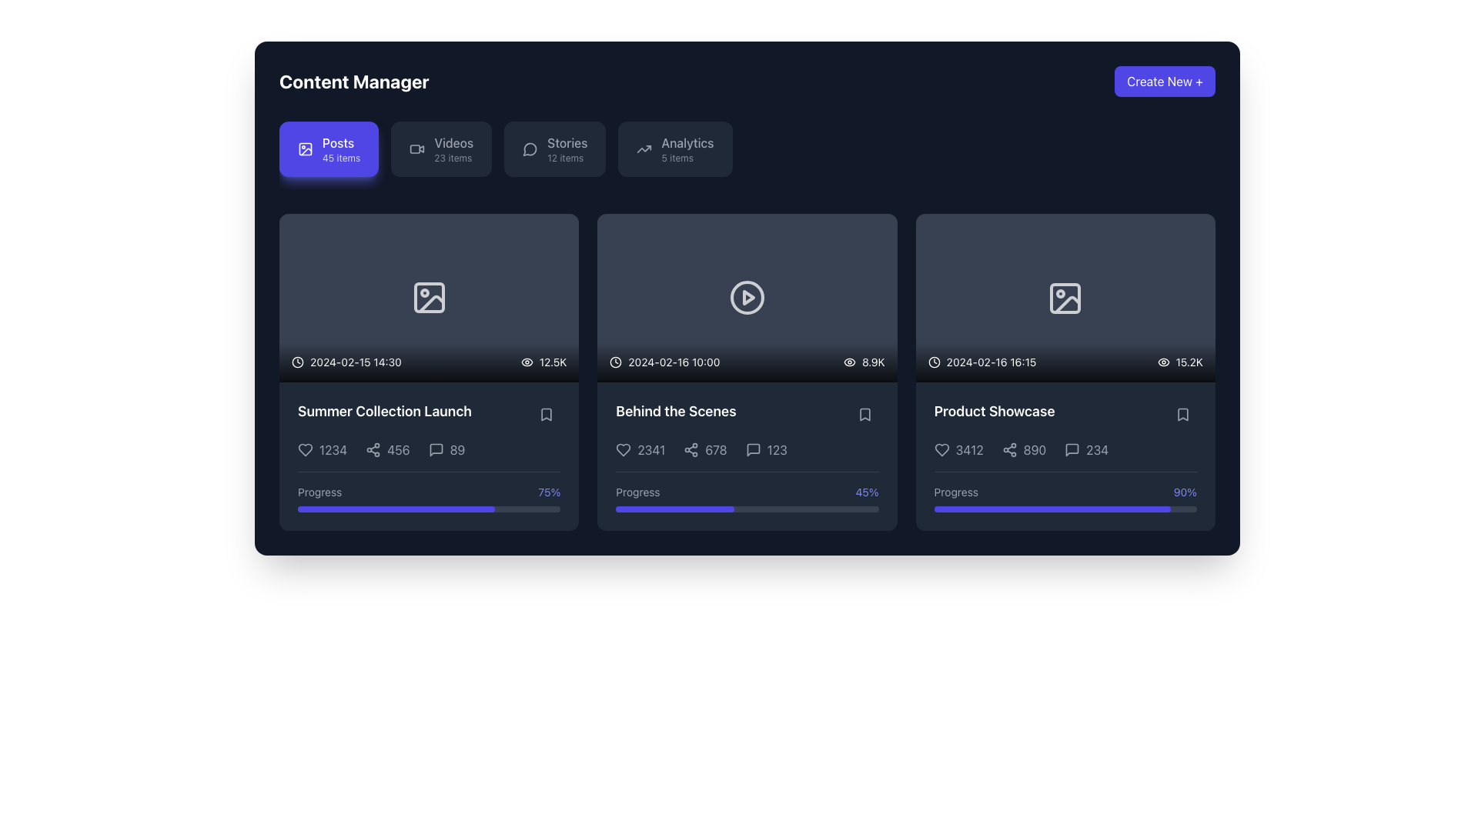  Describe the element at coordinates (387, 449) in the screenshot. I see `the text label displaying the numerical count '456' next to an icon representing interconnected nodes, located in the interaction metrics section beneath the leftmost content card` at that location.